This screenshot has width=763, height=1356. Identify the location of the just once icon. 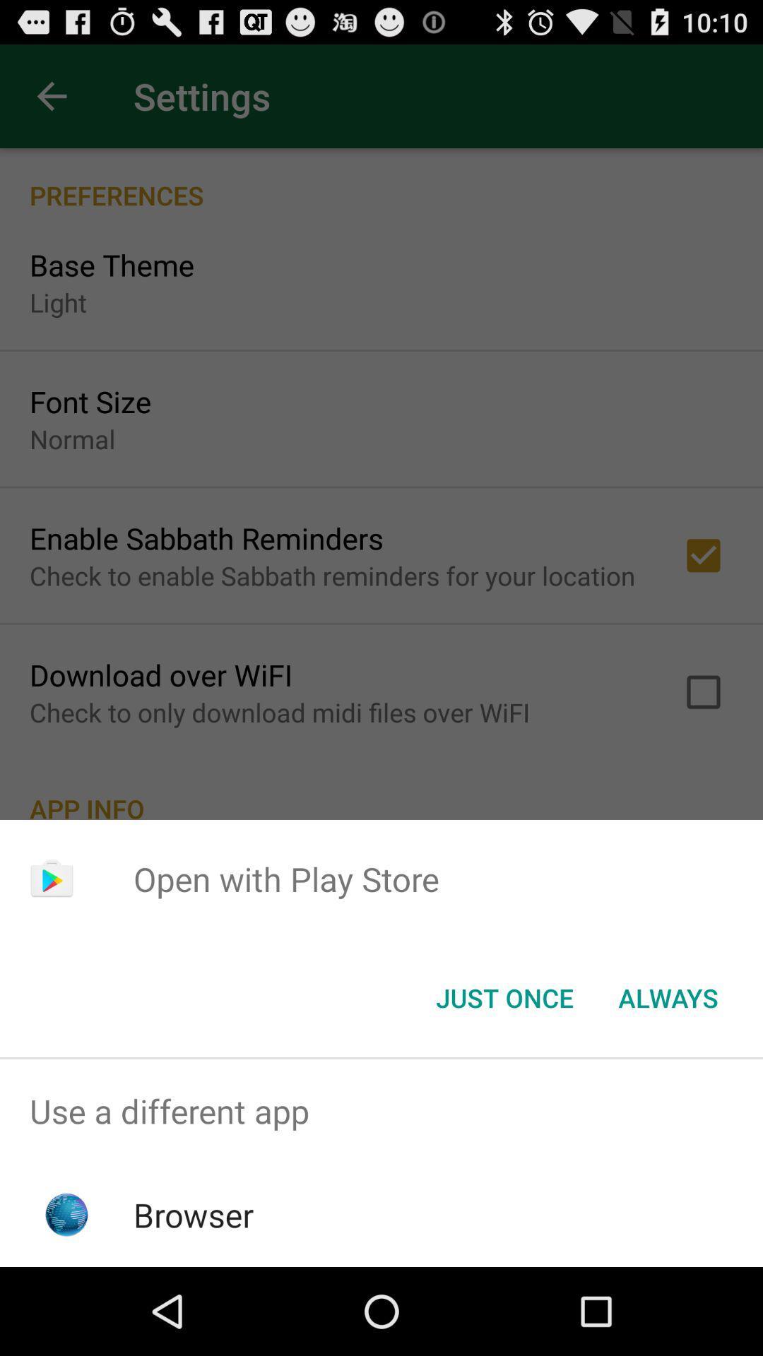
(504, 997).